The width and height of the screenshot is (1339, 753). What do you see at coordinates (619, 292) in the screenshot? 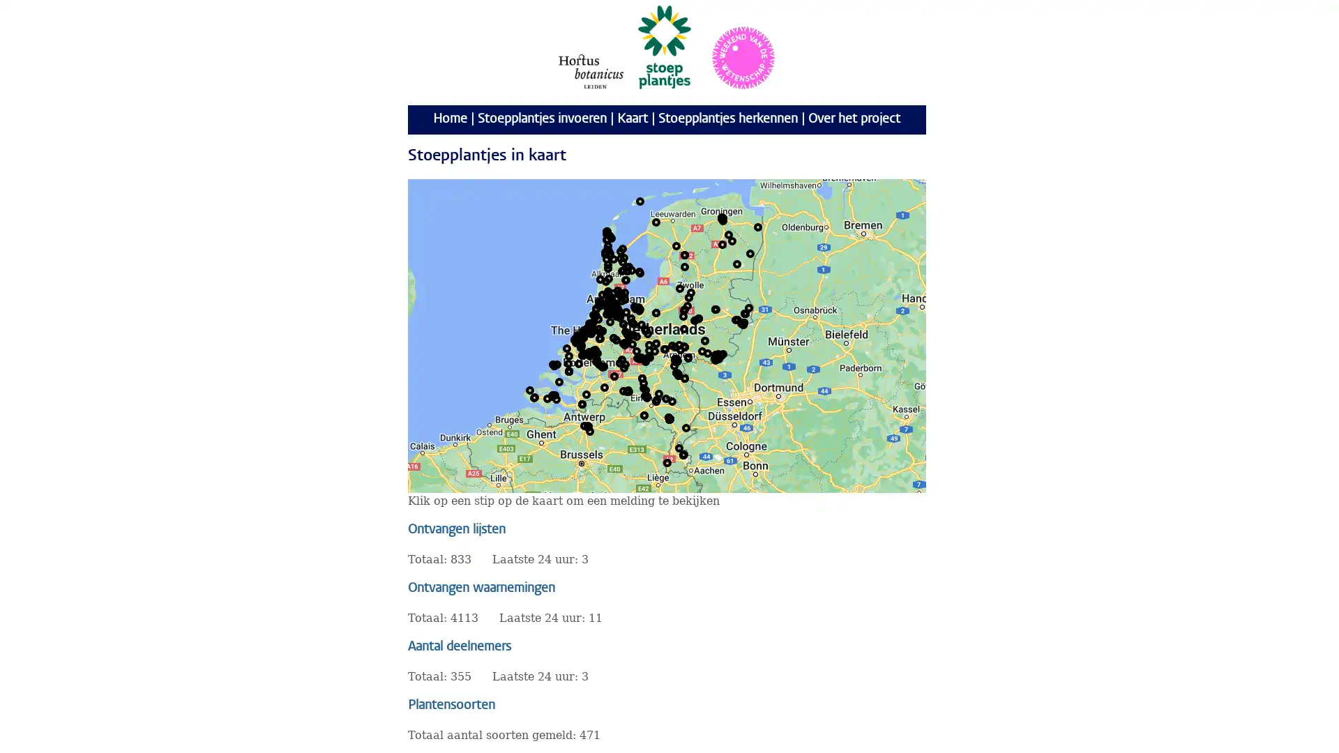
I see `Telling van K op 23 oktober 2021` at bounding box center [619, 292].